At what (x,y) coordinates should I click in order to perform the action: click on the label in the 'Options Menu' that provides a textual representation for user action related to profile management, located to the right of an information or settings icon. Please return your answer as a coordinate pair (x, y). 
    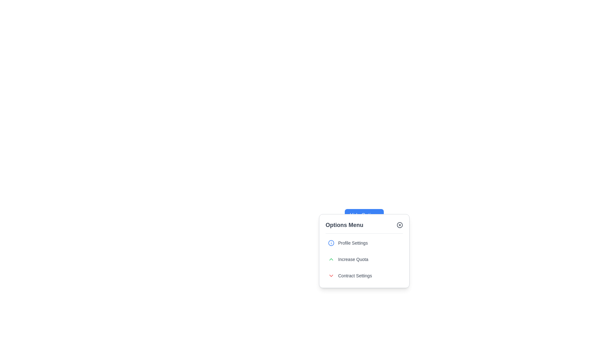
    Looking at the image, I should click on (353, 242).